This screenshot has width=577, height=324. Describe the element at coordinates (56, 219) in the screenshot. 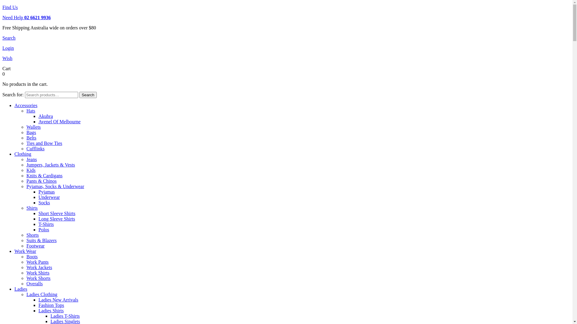

I see `'Long Sleeve Shirts'` at that location.